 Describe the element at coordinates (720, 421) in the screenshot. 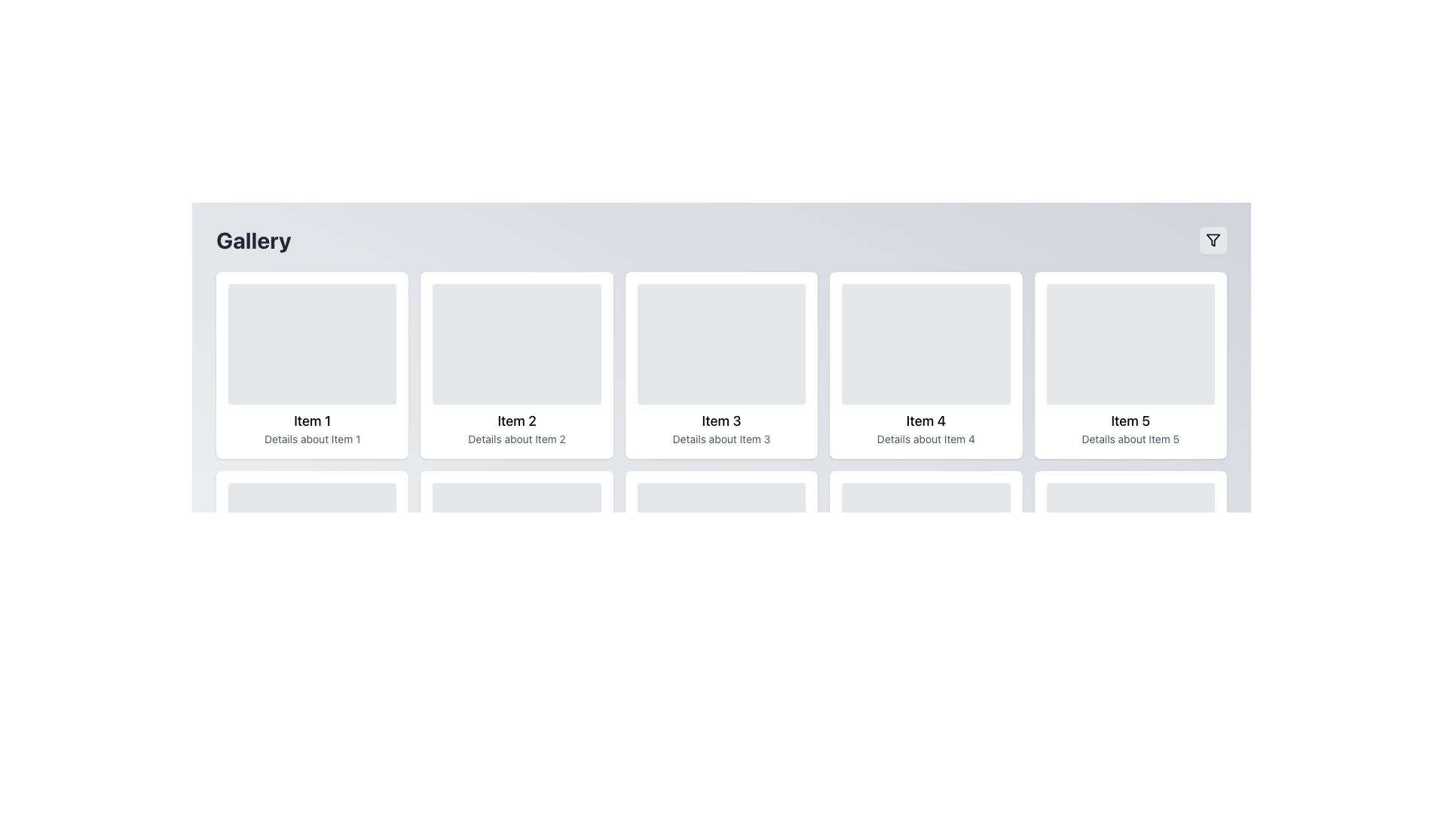

I see `the bold text label displaying 'Item 3' located in the third card of the horizontal list, positioned directly below the image placeholder` at that location.